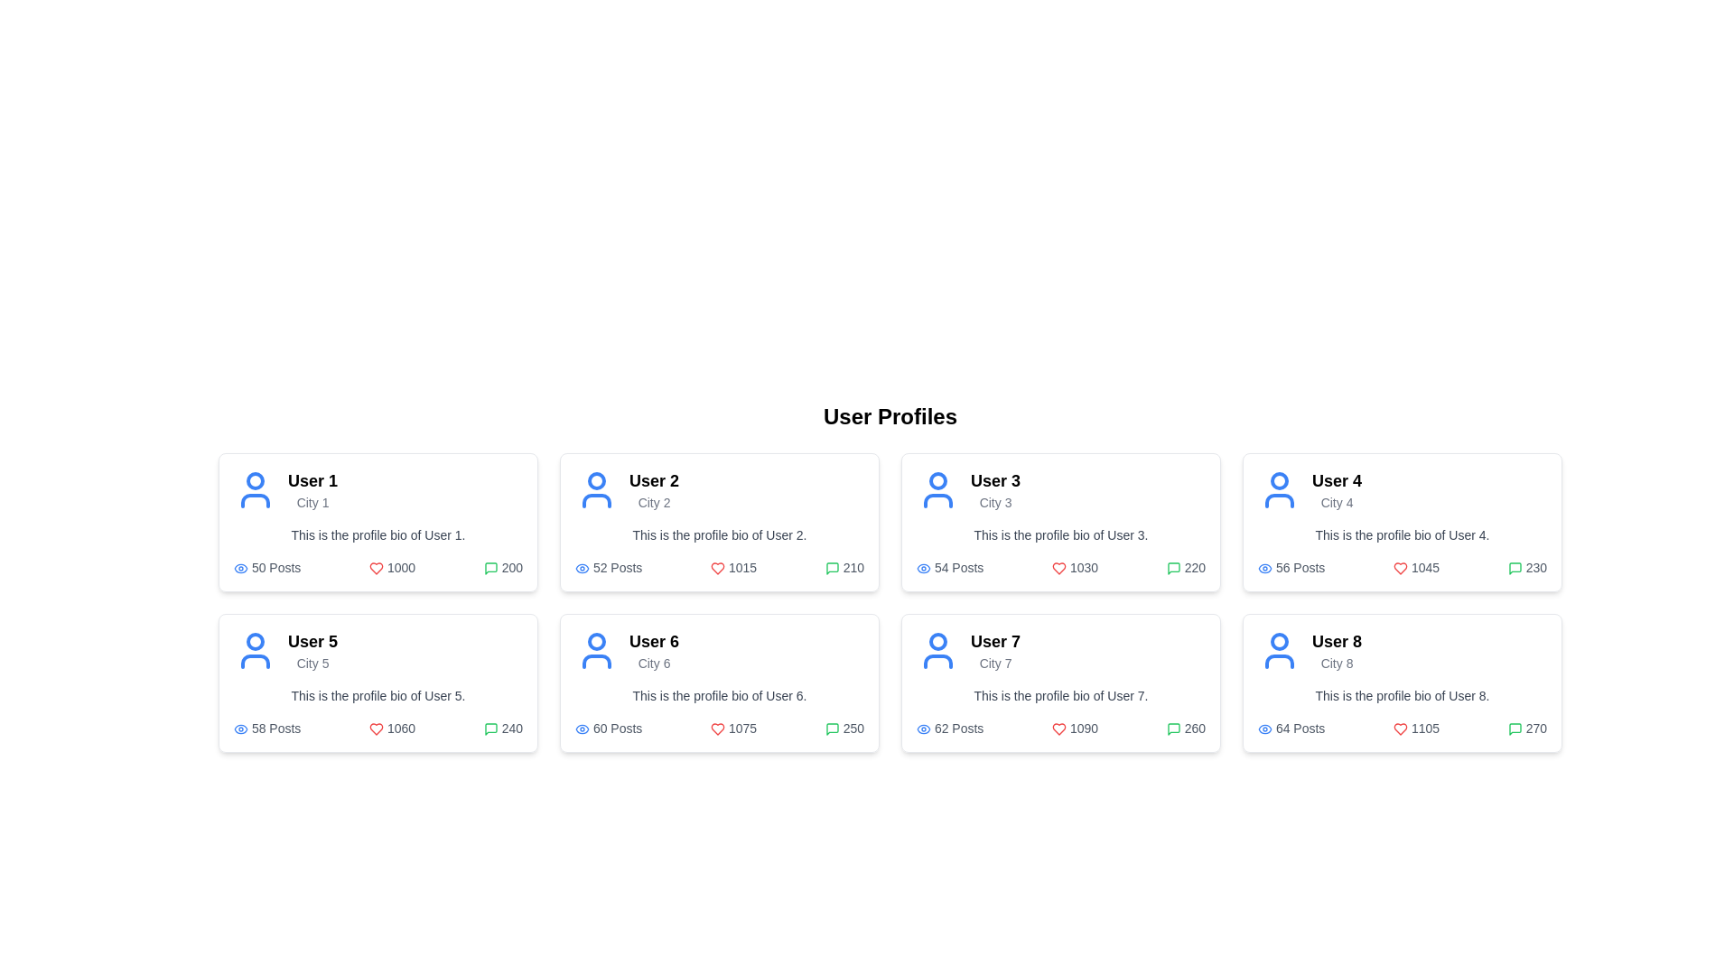 The image size is (1734, 975). What do you see at coordinates (937, 479) in the screenshot?
I see `the small circular shape that represents the head of the user profile icon for 'User 3' in the grid layout` at bounding box center [937, 479].